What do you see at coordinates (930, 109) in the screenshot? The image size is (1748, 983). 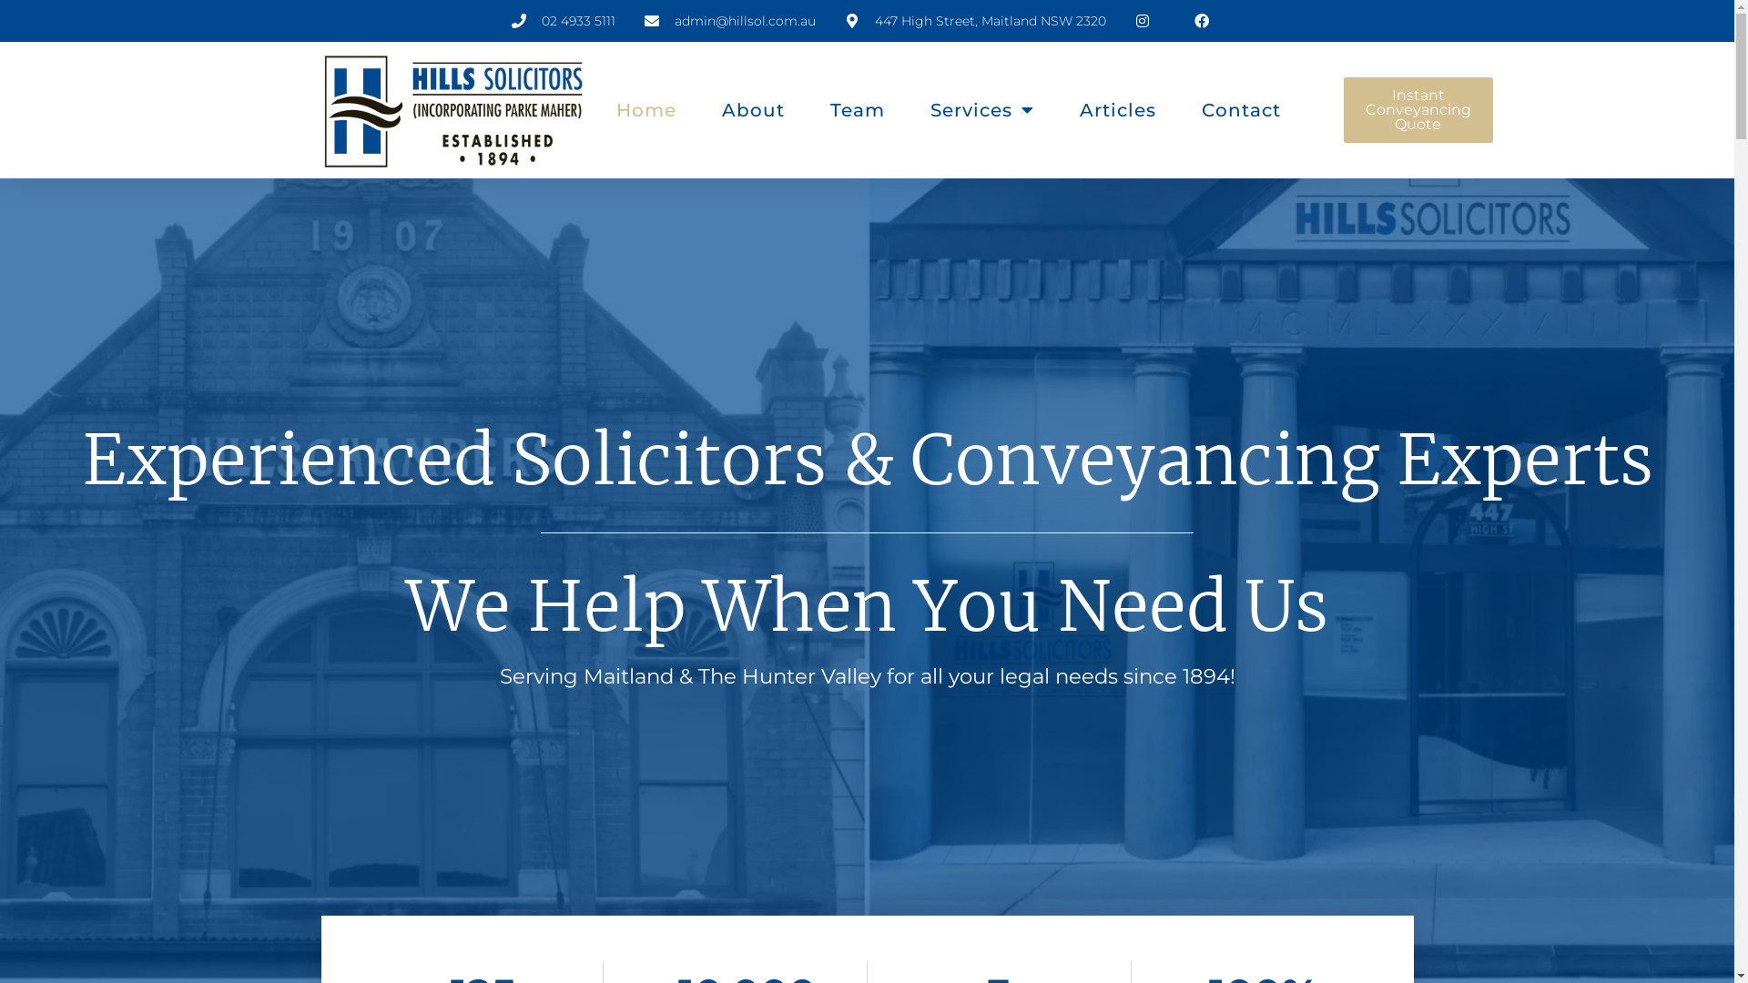 I see `'Services'` at bounding box center [930, 109].